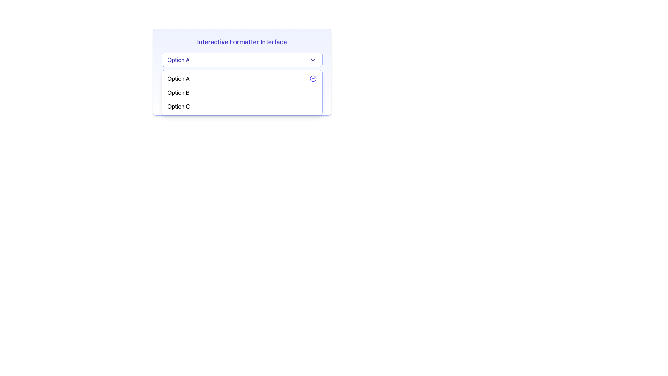 The height and width of the screenshot is (376, 668). Describe the element at coordinates (242, 78) in the screenshot. I see `the first item in the dropdown list labeled 'Option A'` at that location.